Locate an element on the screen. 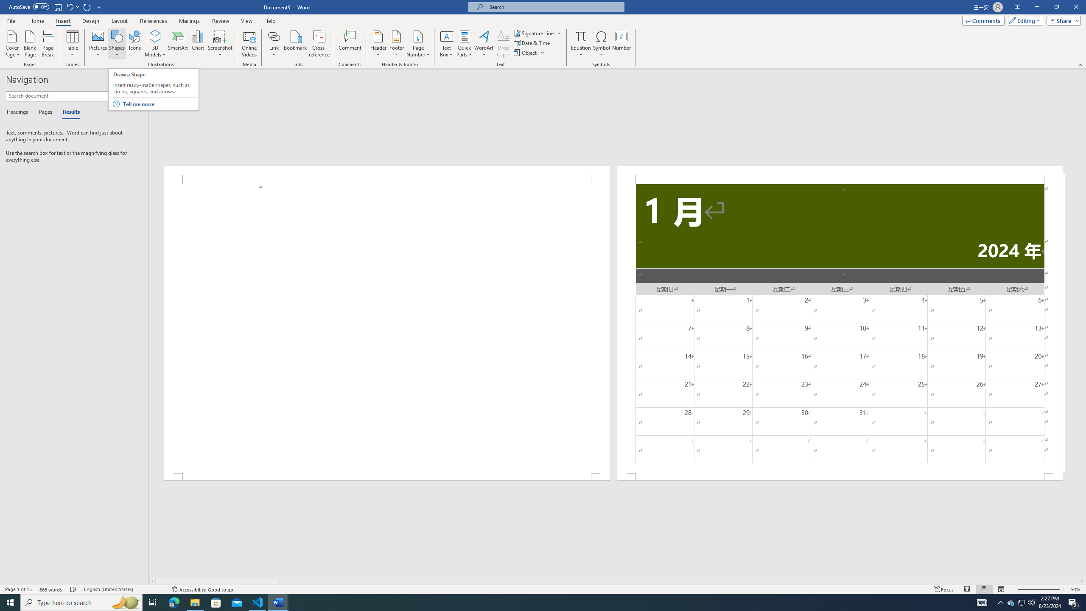 Image resolution: width=1086 pixels, height=611 pixels. 'Signature Line' is located at coordinates (537, 33).